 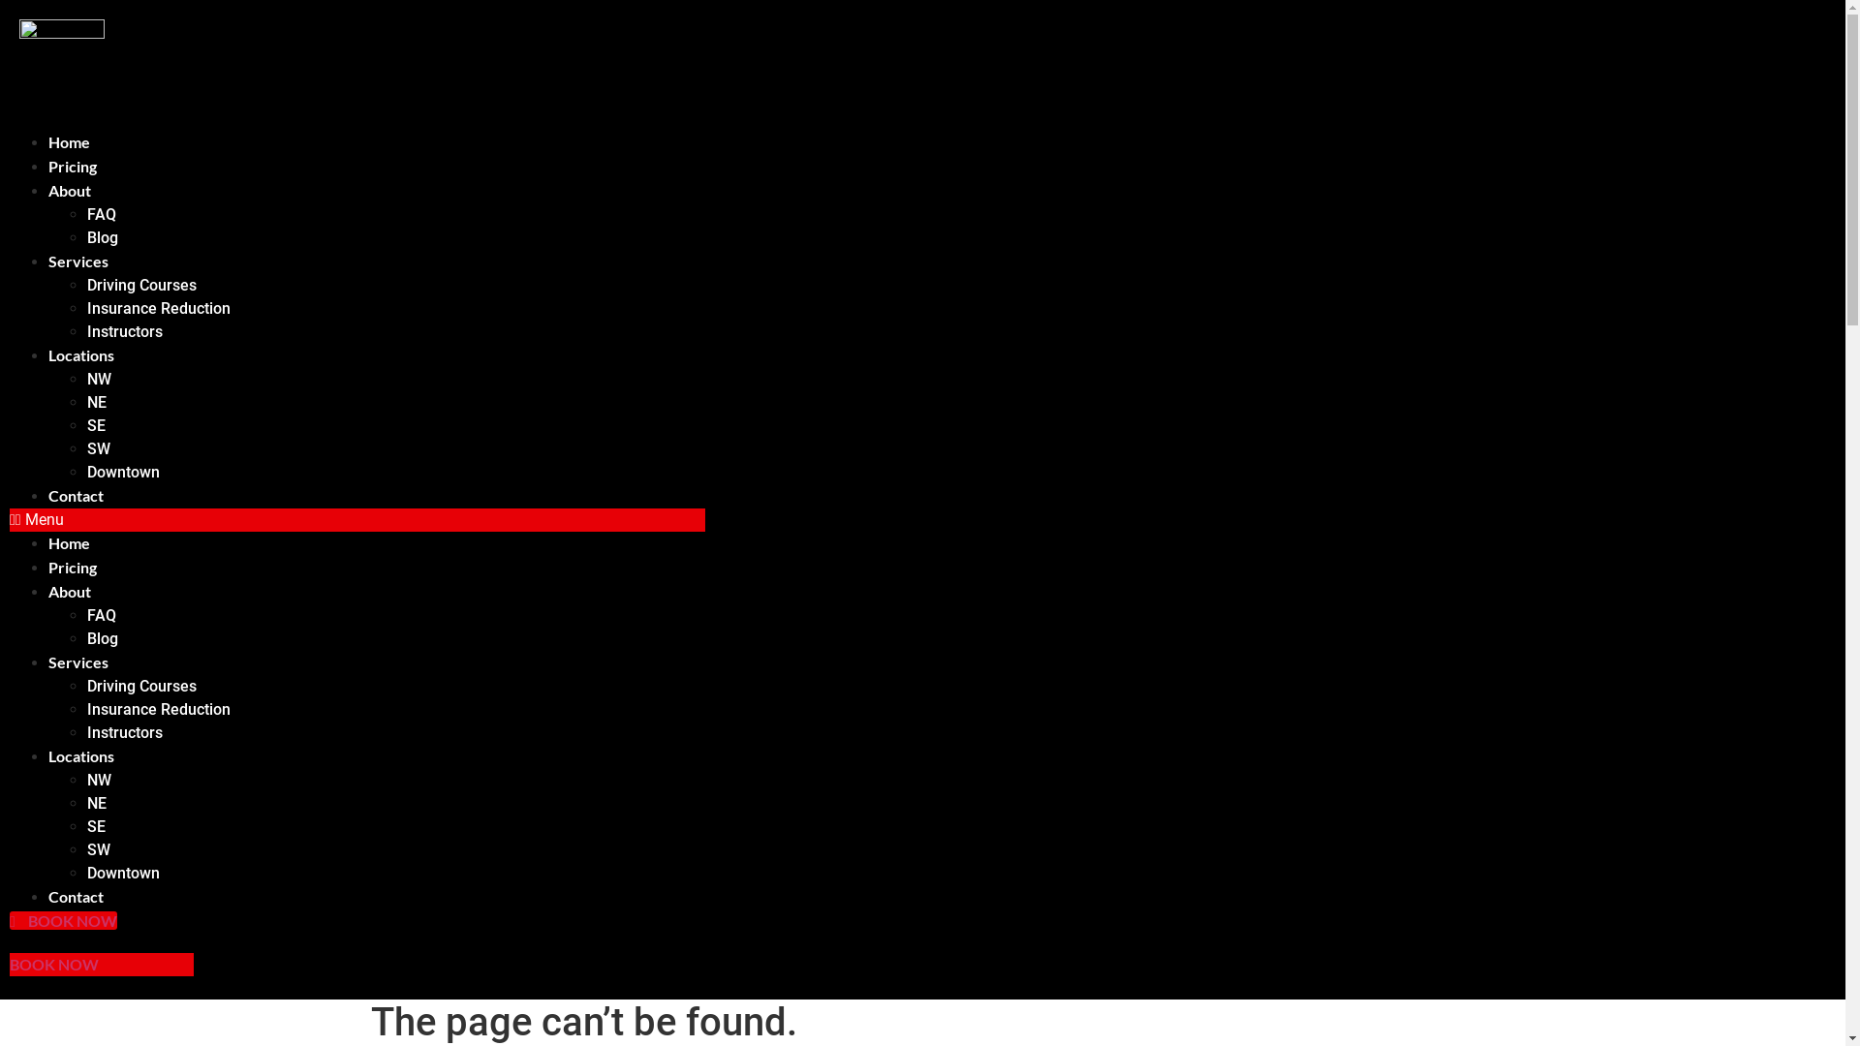 I want to click on 'SE', so click(x=95, y=826).